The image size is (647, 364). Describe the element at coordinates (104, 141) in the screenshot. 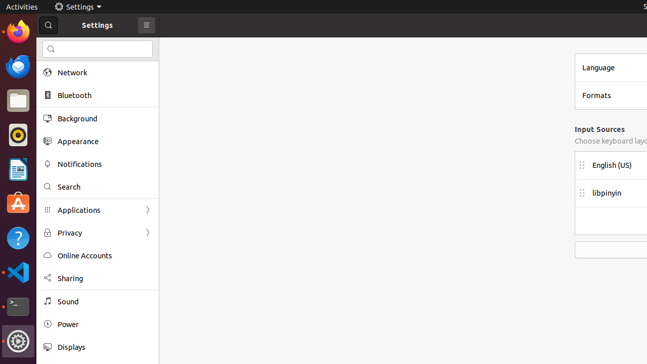

I see `'Appearance'` at that location.